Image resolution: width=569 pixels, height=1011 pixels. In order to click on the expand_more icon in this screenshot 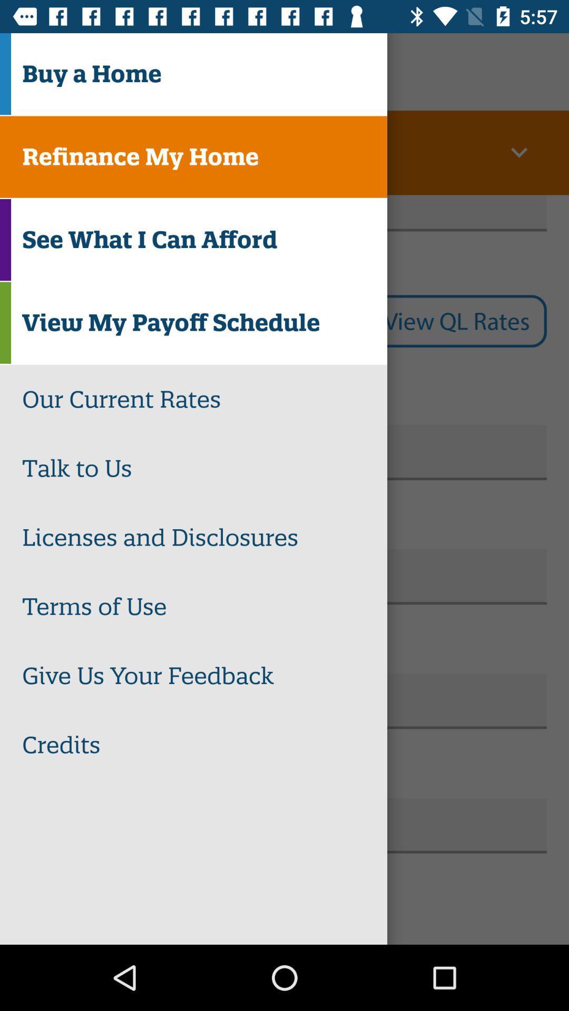, I will do `click(518, 152)`.